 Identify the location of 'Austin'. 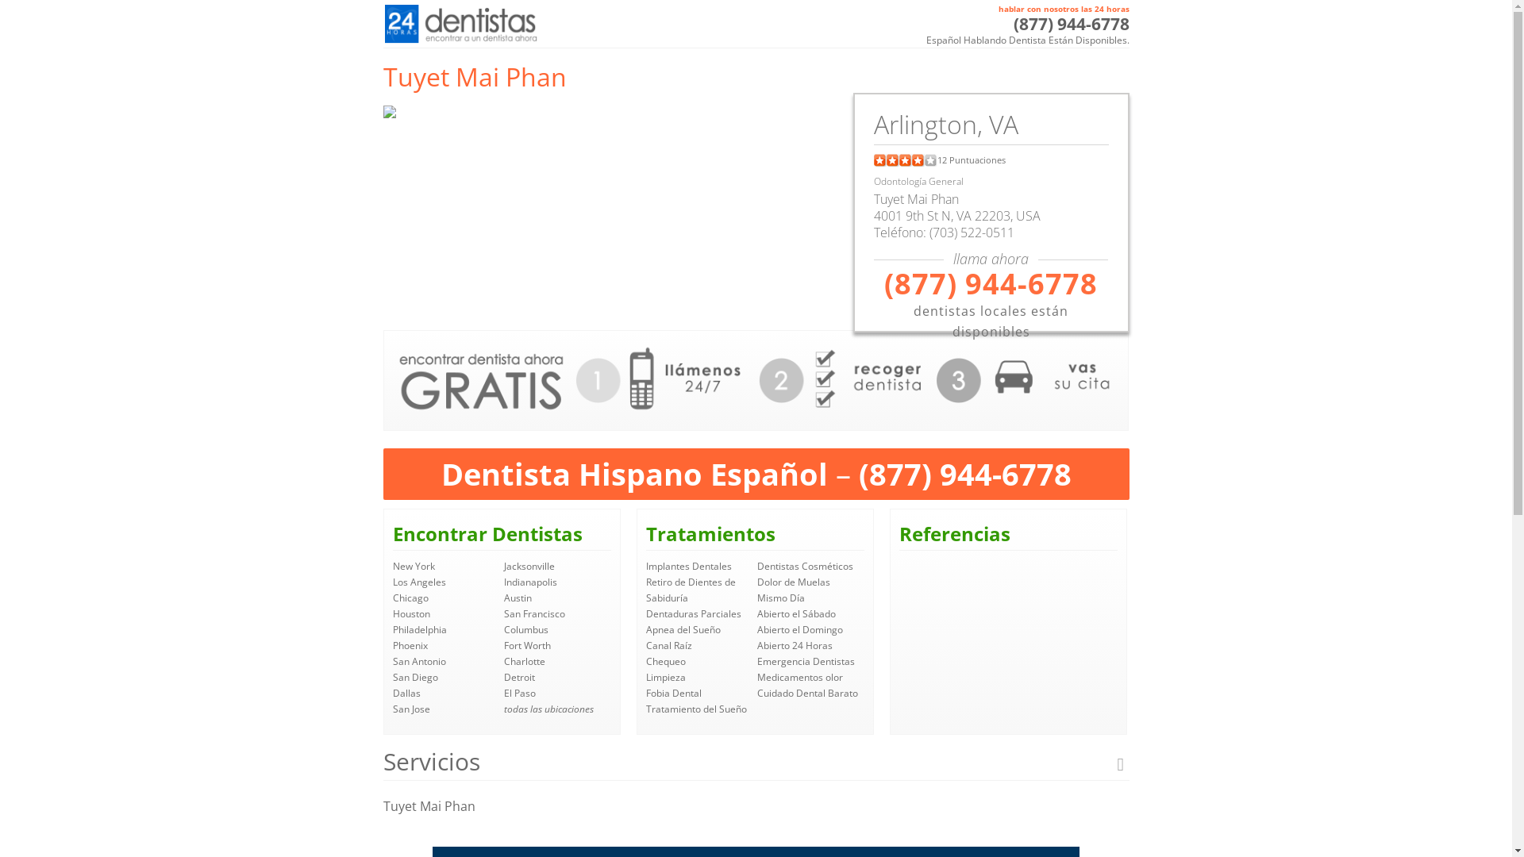
(518, 598).